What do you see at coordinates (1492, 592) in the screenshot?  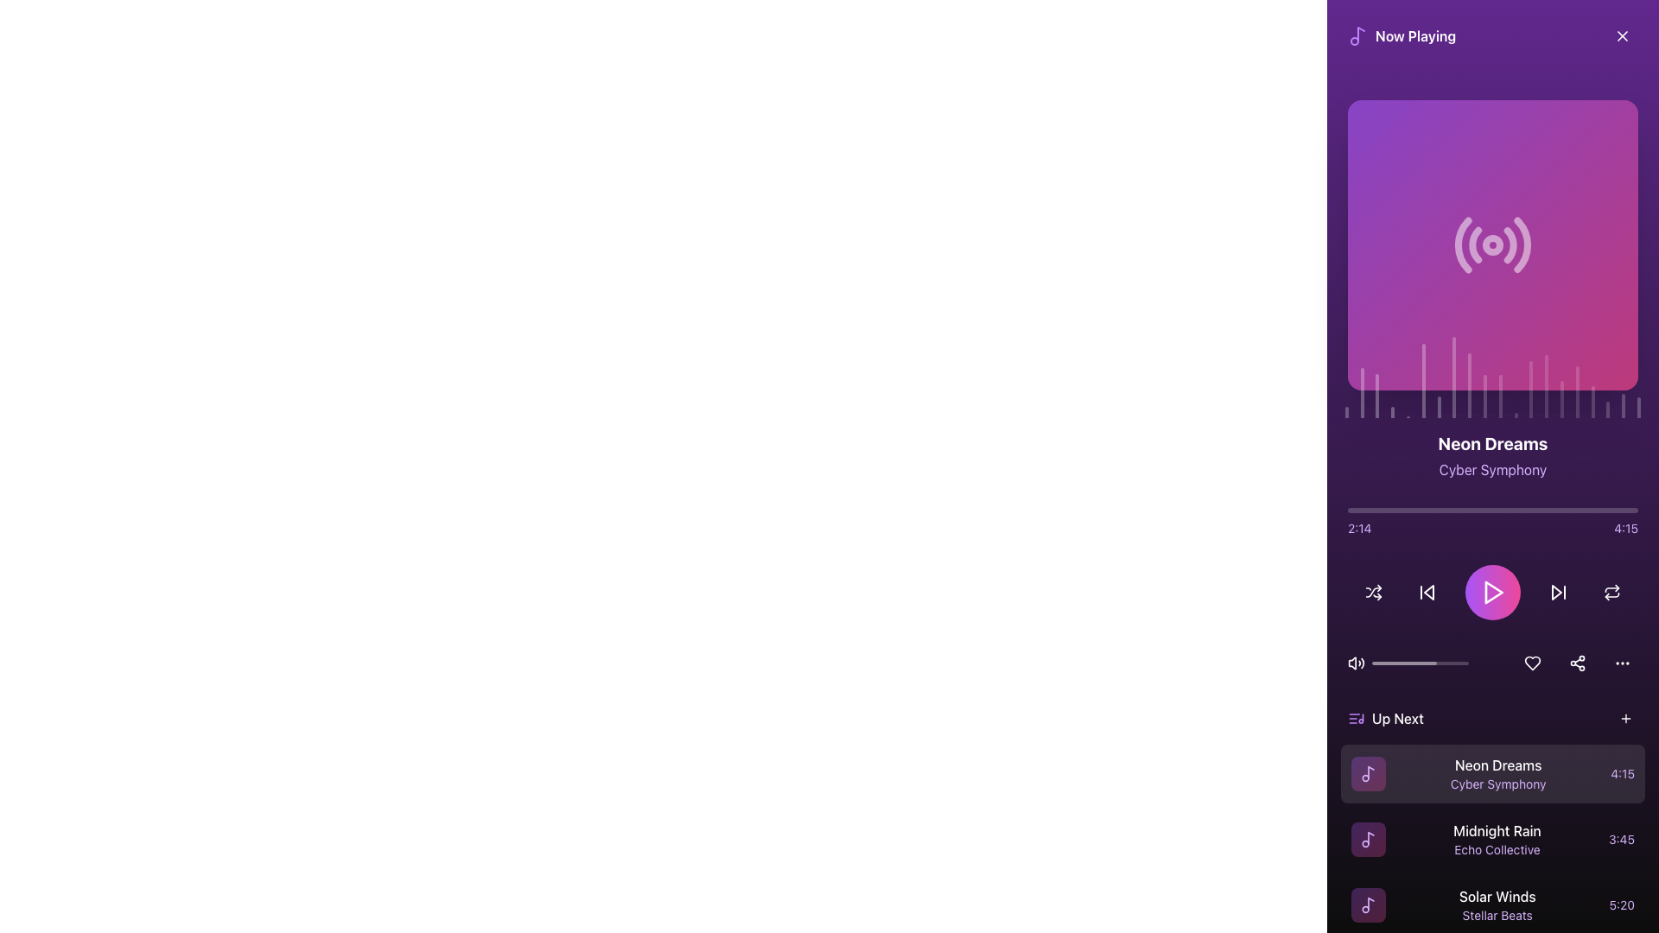 I see `the play button icon, which is a rightward-pointing triangle within a circular button, located at the lower-central section of the interface` at bounding box center [1492, 592].